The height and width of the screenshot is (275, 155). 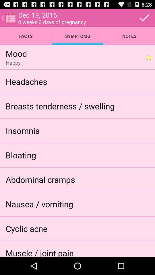 I want to click on confirm details and close page, so click(x=144, y=18).